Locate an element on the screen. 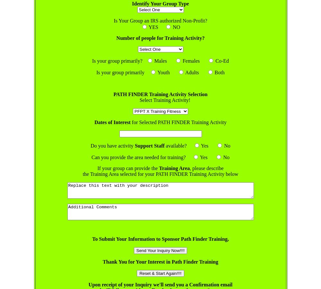 Image resolution: width=321 pixels, height=289 pixels. 'Adults' is located at coordinates (195, 72).